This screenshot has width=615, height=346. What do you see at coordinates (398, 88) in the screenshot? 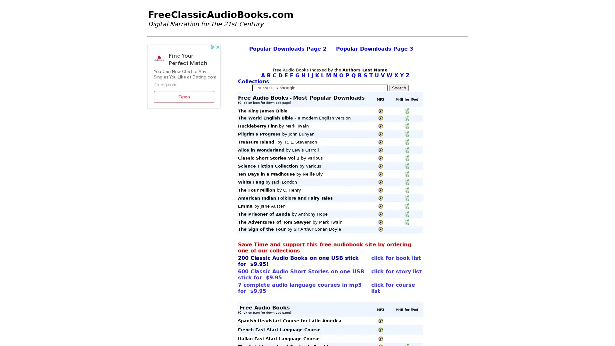
I see `Search` at bounding box center [398, 88].